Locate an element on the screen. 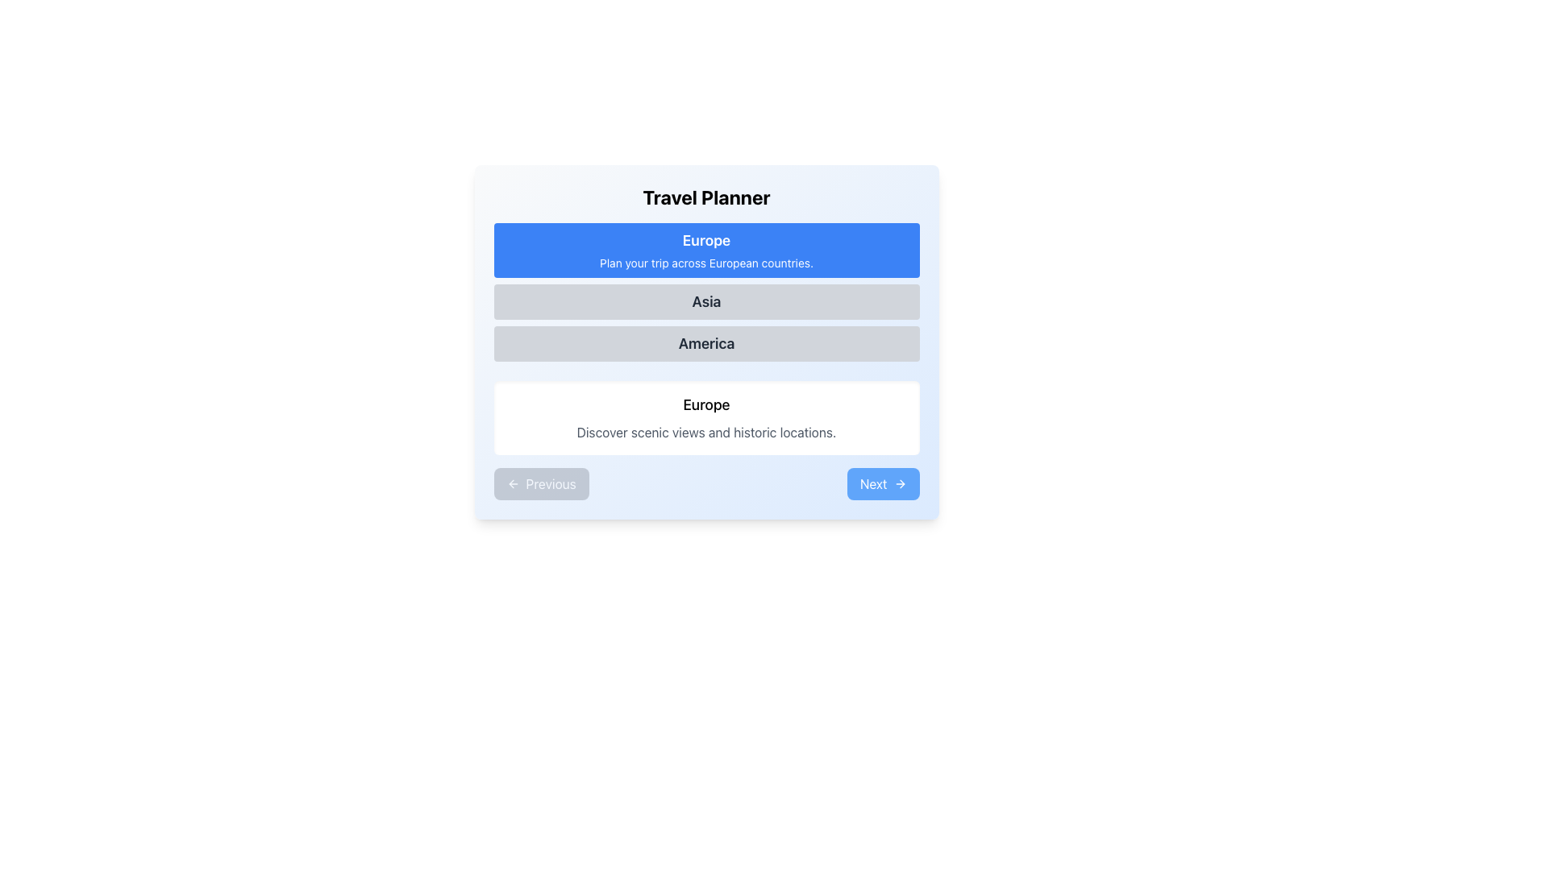 The height and width of the screenshot is (870, 1548). text block that contains the content 'Discover scenic views and historic locations.' styled in gray color, positioned below the 'Europe' heading in the 'Travel Planner' section is located at coordinates (706, 431).